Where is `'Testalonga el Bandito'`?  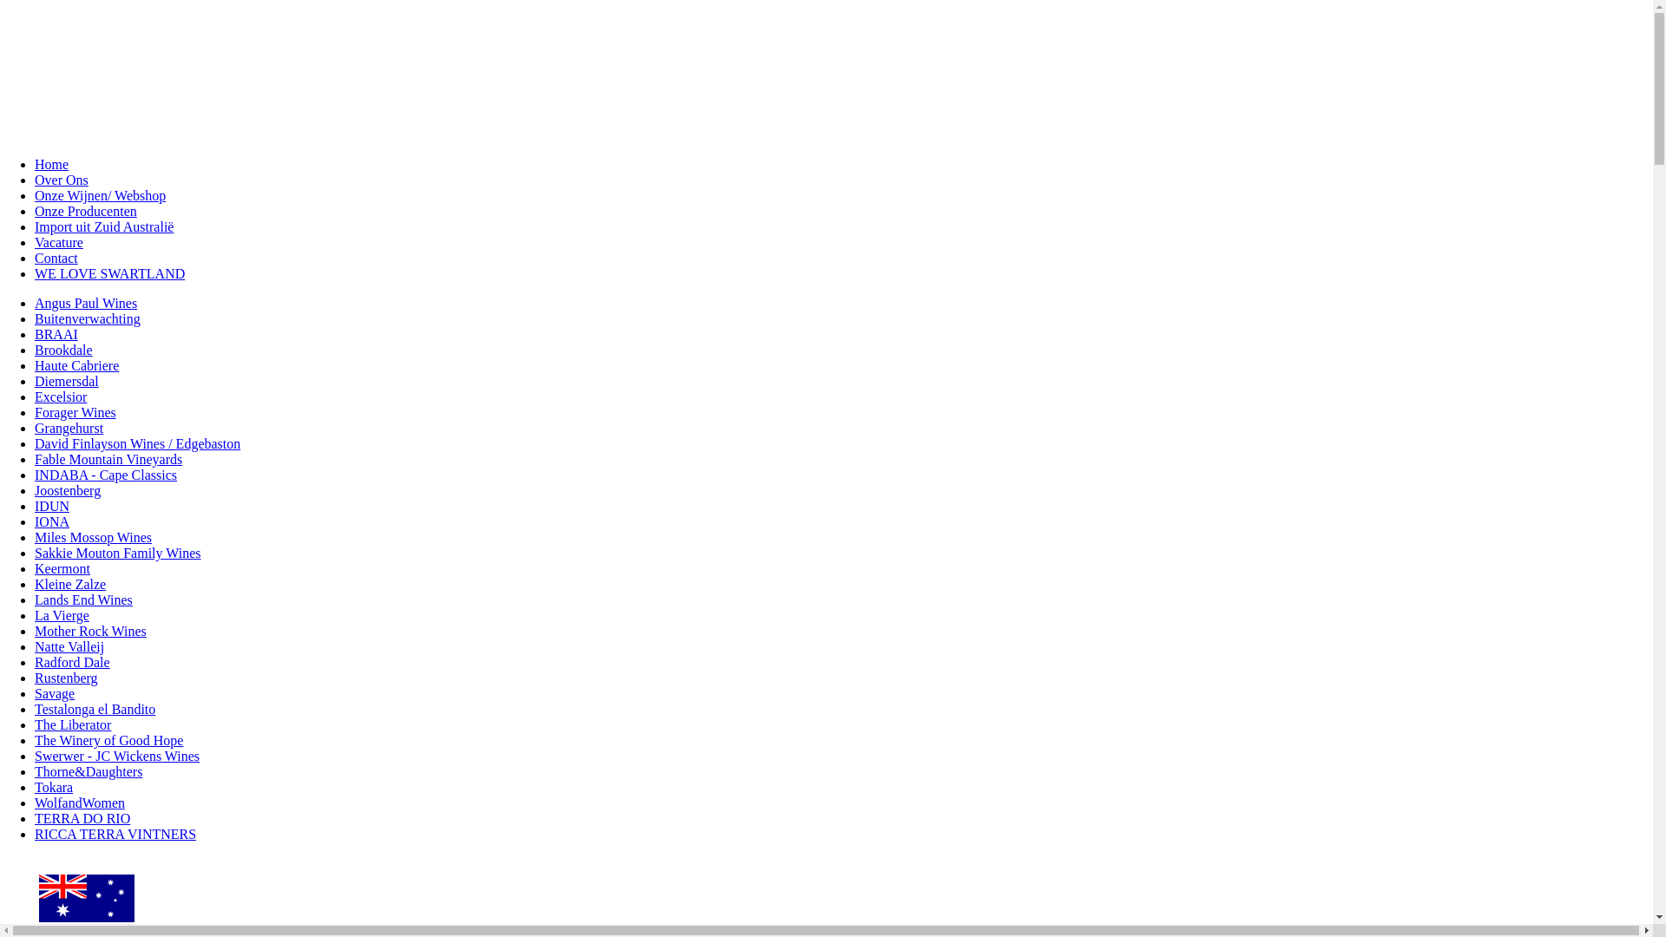 'Testalonga el Bandito' is located at coordinates (94, 709).